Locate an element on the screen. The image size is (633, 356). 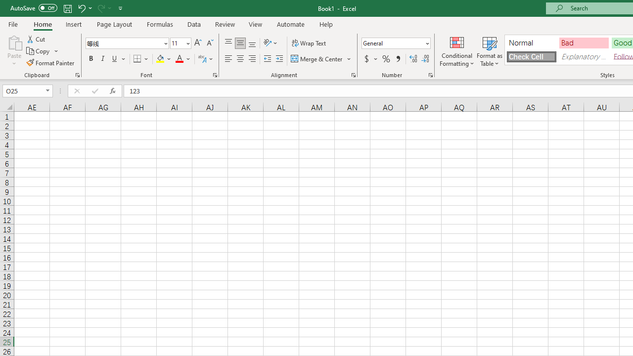
'Show Phonetic Field' is located at coordinates (205, 59).